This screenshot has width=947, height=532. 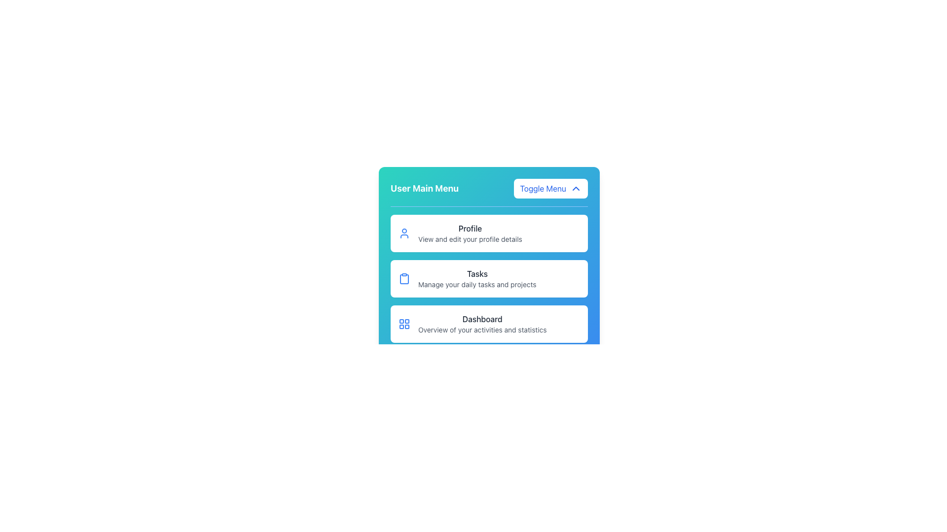 What do you see at coordinates (489, 283) in the screenshot?
I see `the Vertical Menu` at bounding box center [489, 283].